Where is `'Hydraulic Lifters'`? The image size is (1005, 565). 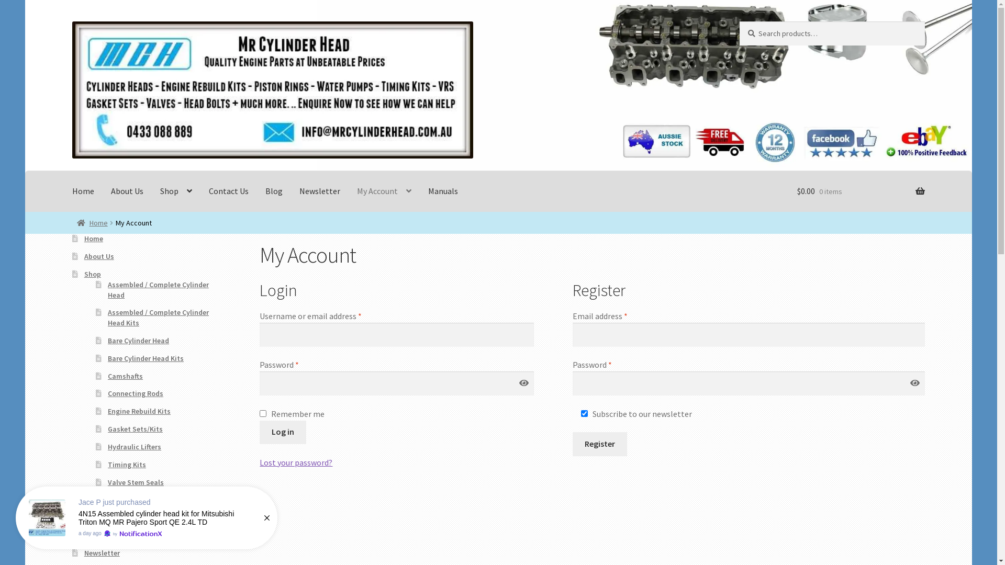
'Hydraulic Lifters' is located at coordinates (108, 446).